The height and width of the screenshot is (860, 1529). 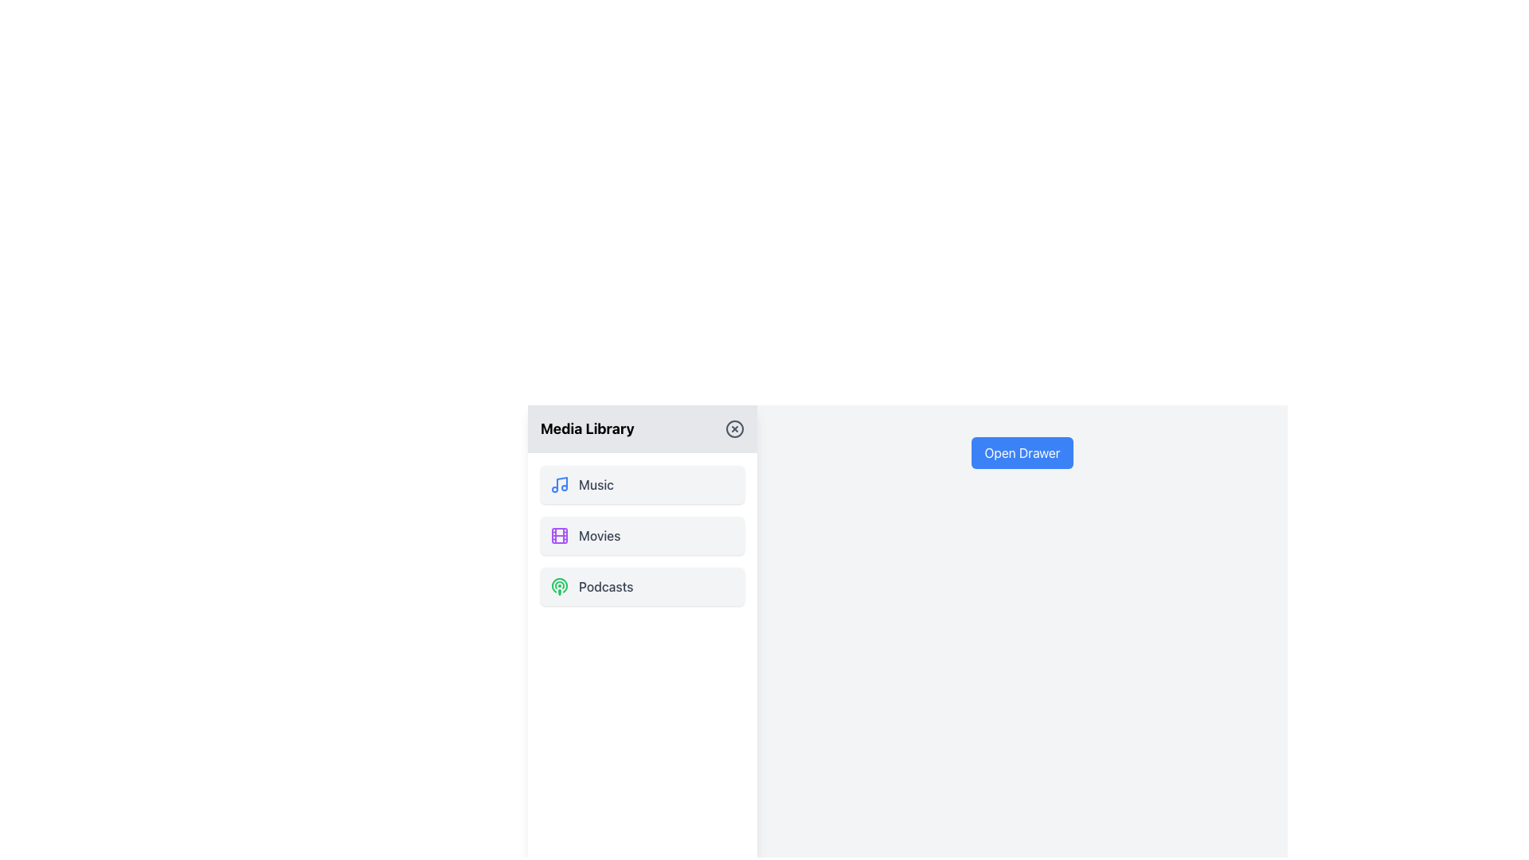 What do you see at coordinates (642, 586) in the screenshot?
I see `the Podcasts button located under the 'Media Library' section` at bounding box center [642, 586].